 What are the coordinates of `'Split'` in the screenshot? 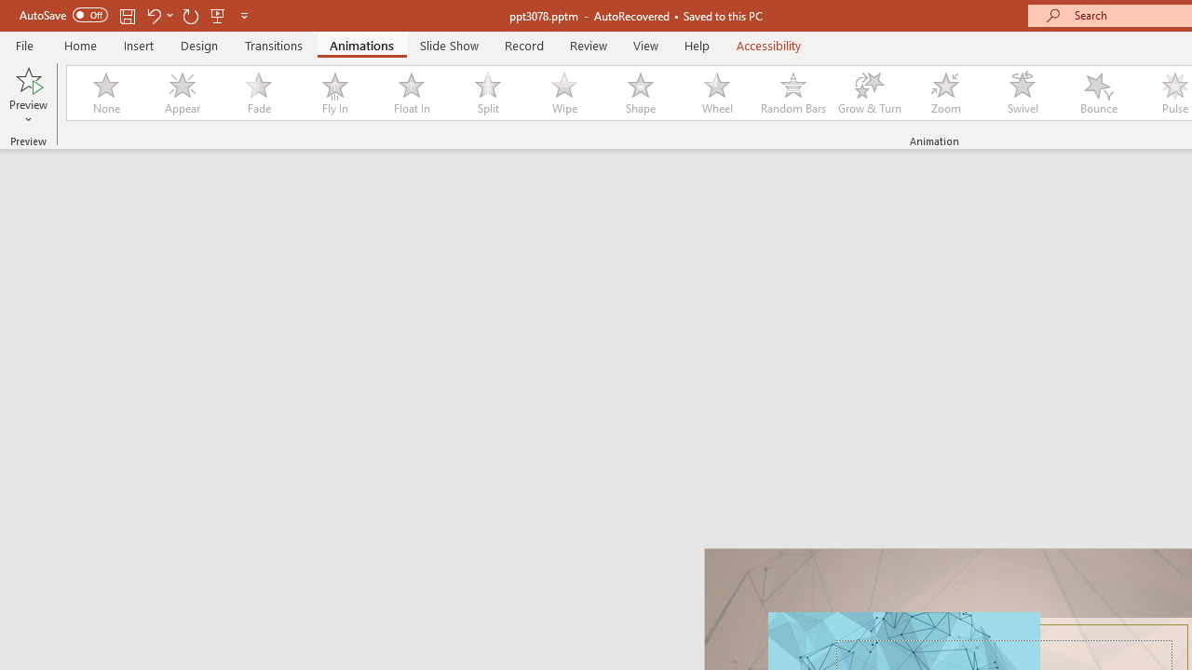 It's located at (487, 93).